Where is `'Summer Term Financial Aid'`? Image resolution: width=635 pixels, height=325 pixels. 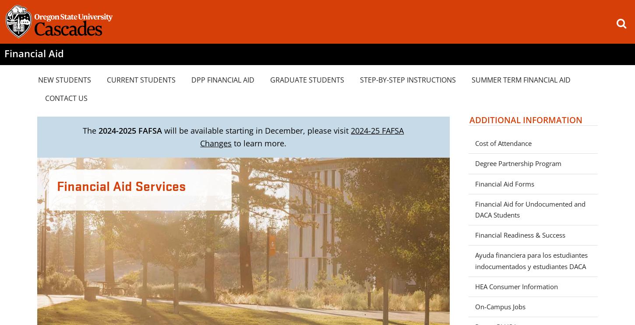
'Summer Term Financial Aid' is located at coordinates (521, 79).